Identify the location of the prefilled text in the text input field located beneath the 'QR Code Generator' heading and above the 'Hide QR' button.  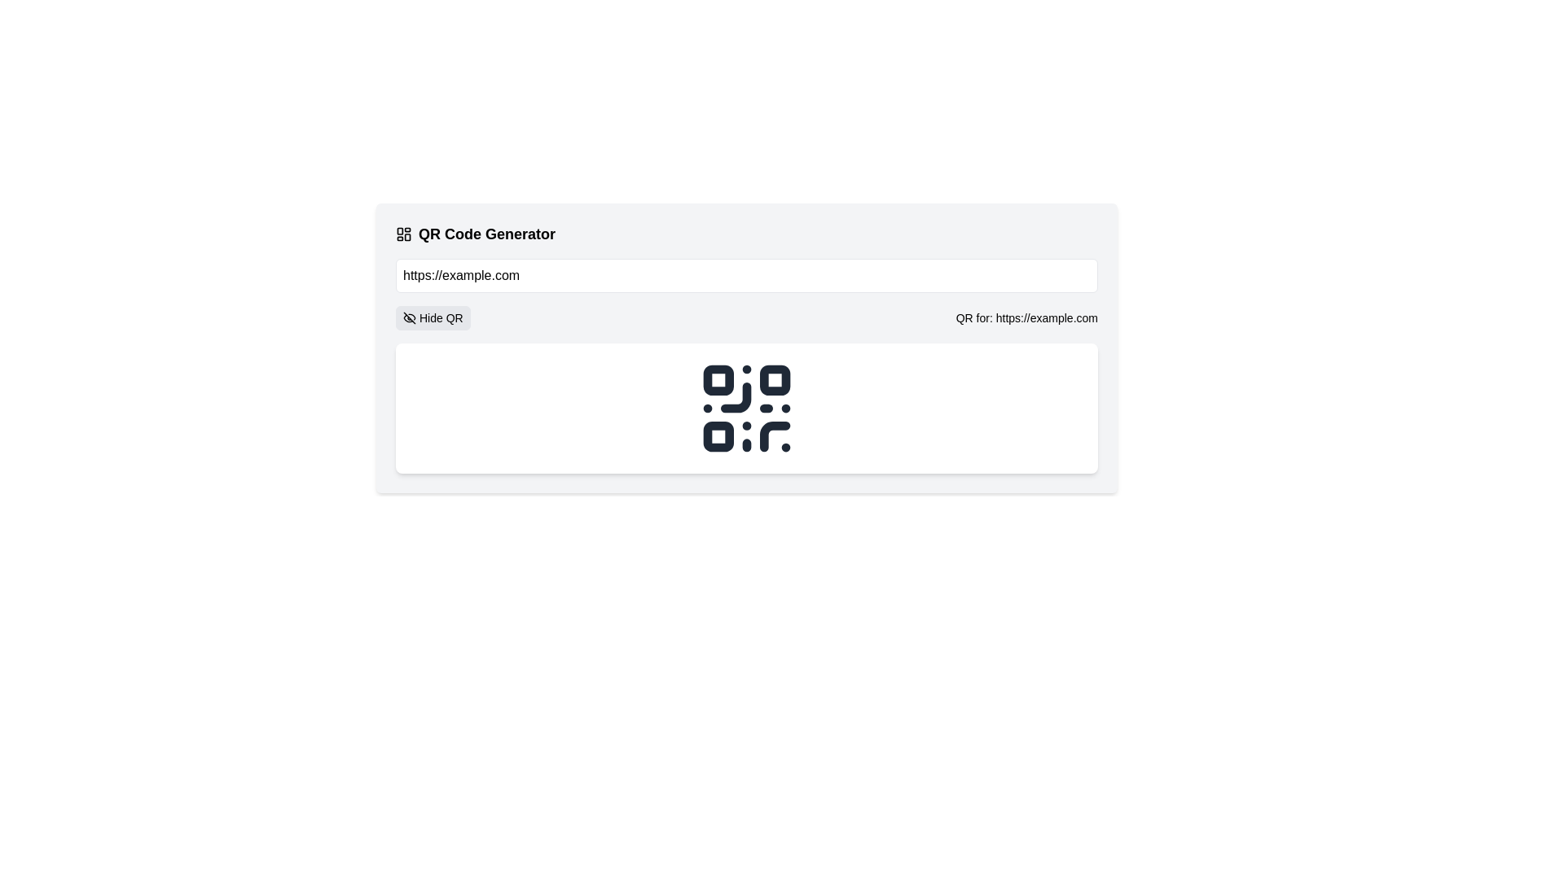
(745, 275).